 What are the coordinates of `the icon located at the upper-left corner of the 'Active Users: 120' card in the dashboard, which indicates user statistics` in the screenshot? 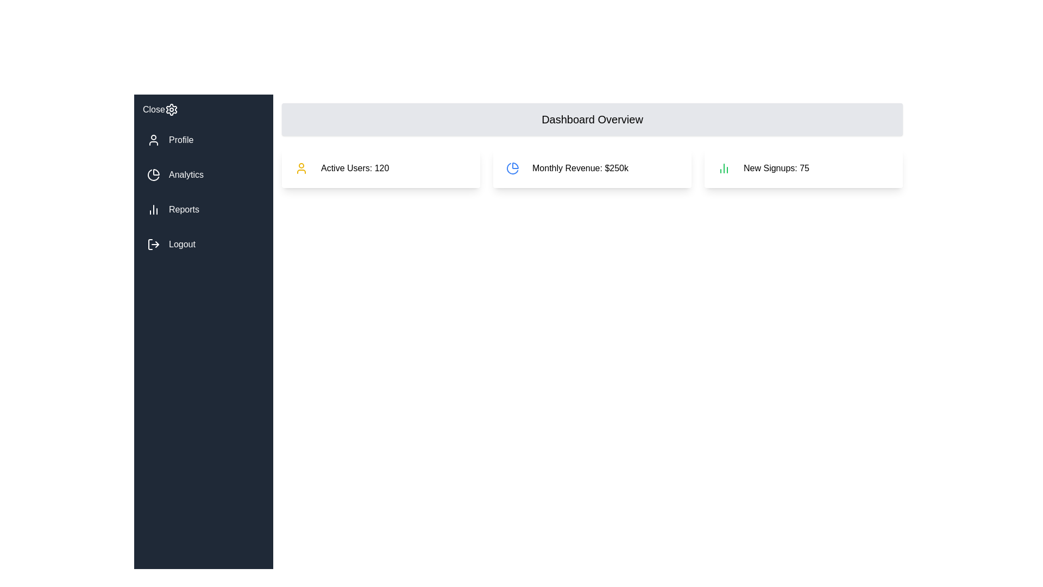 It's located at (301, 168).